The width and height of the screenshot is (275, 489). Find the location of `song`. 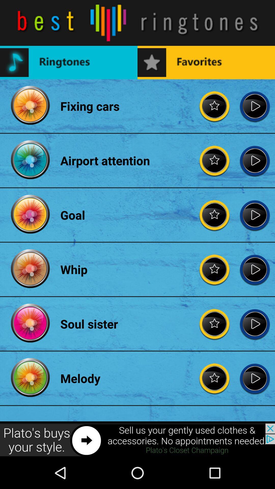

song is located at coordinates (255, 269).